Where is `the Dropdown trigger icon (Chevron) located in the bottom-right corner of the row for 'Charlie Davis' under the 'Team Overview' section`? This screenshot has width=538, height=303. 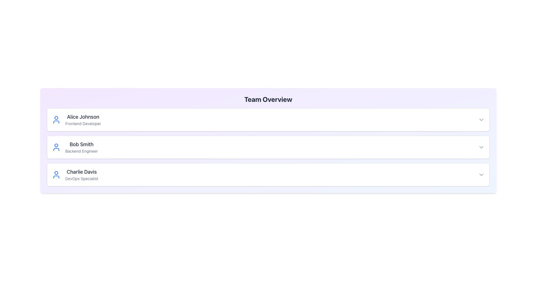 the Dropdown trigger icon (Chevron) located in the bottom-right corner of the row for 'Charlie Davis' under the 'Team Overview' section is located at coordinates (481, 175).